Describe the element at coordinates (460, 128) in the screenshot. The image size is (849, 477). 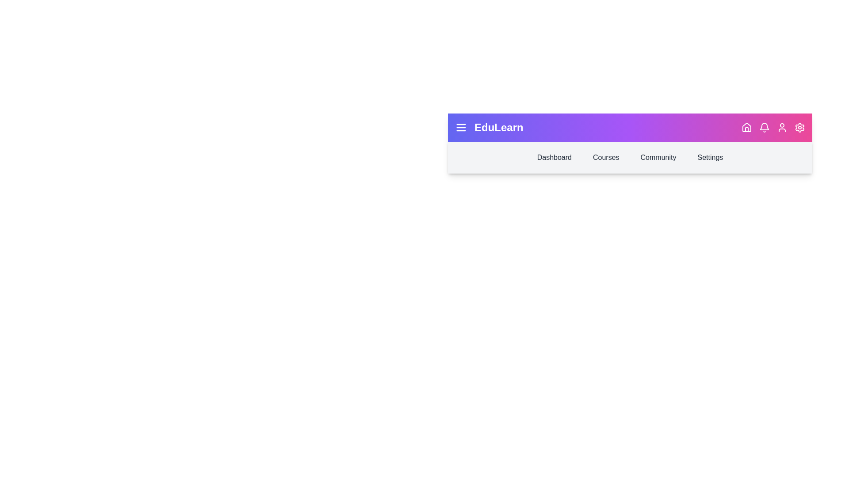
I see `the menu icon to toggle the dropdown menu` at that location.